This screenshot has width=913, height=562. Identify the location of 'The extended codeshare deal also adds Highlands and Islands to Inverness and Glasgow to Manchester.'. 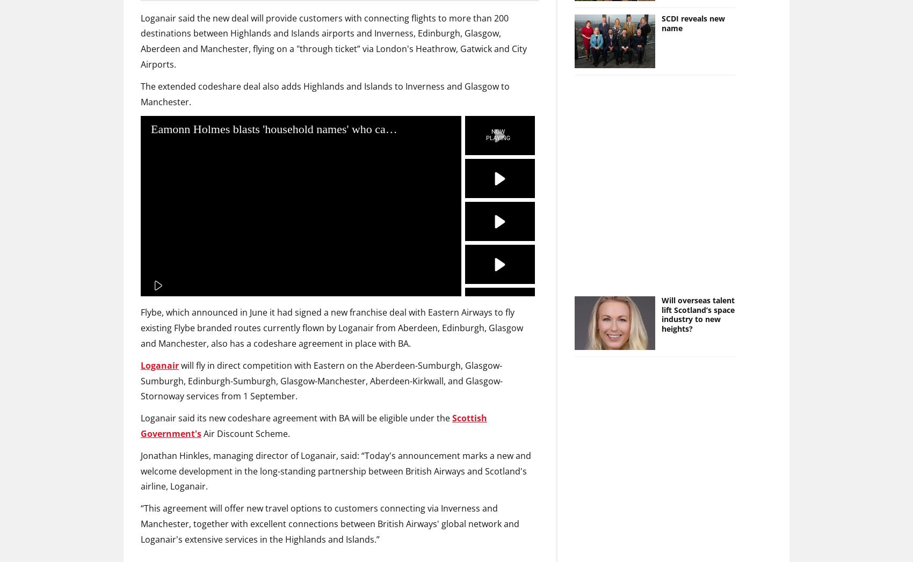
(324, 93).